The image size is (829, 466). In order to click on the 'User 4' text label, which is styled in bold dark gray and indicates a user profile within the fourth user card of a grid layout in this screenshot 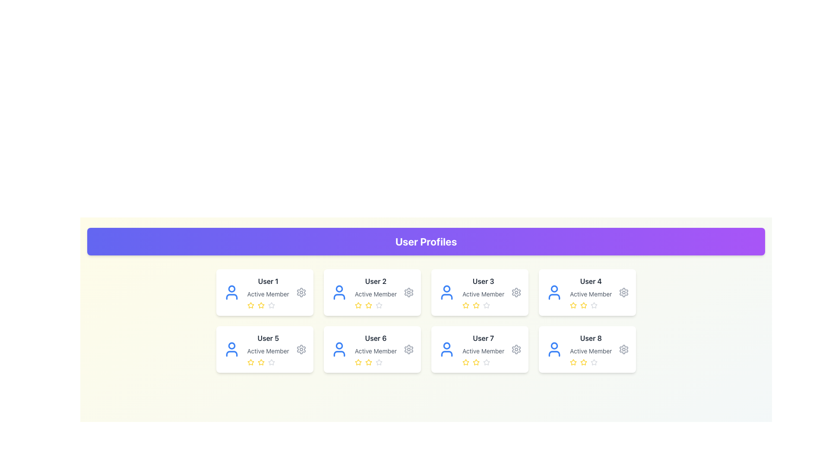, I will do `click(590, 281)`.